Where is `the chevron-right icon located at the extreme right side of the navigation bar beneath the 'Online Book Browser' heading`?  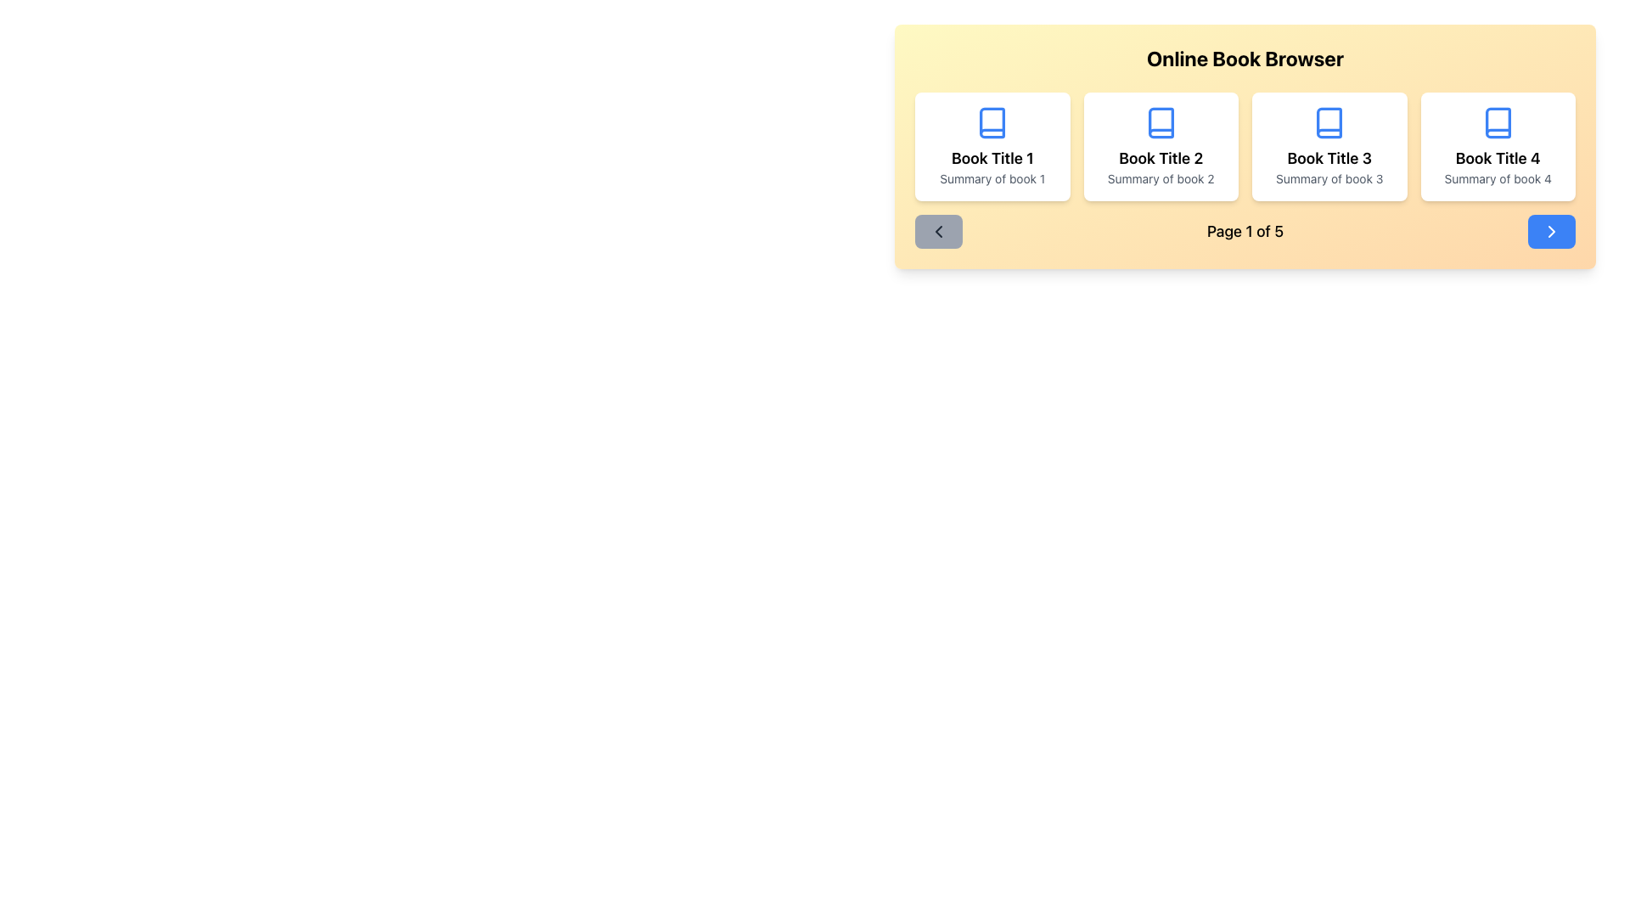
the chevron-right icon located at the extreme right side of the navigation bar beneath the 'Online Book Browser' heading is located at coordinates (1552, 232).